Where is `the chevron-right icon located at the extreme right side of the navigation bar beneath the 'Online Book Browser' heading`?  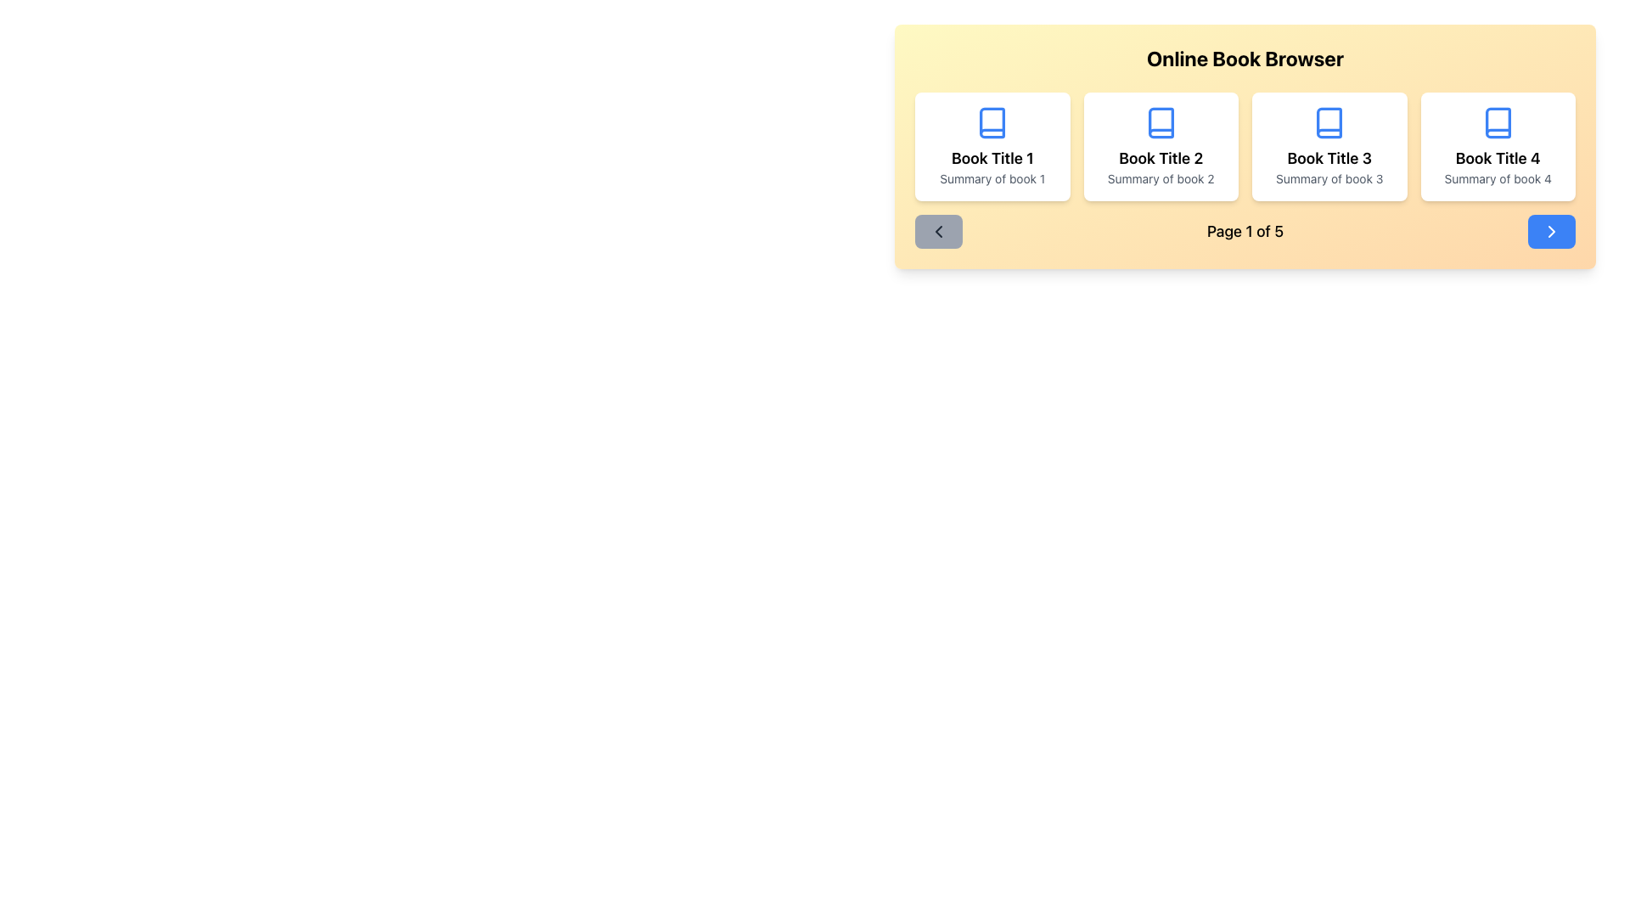
the chevron-right icon located at the extreme right side of the navigation bar beneath the 'Online Book Browser' heading is located at coordinates (1552, 232).